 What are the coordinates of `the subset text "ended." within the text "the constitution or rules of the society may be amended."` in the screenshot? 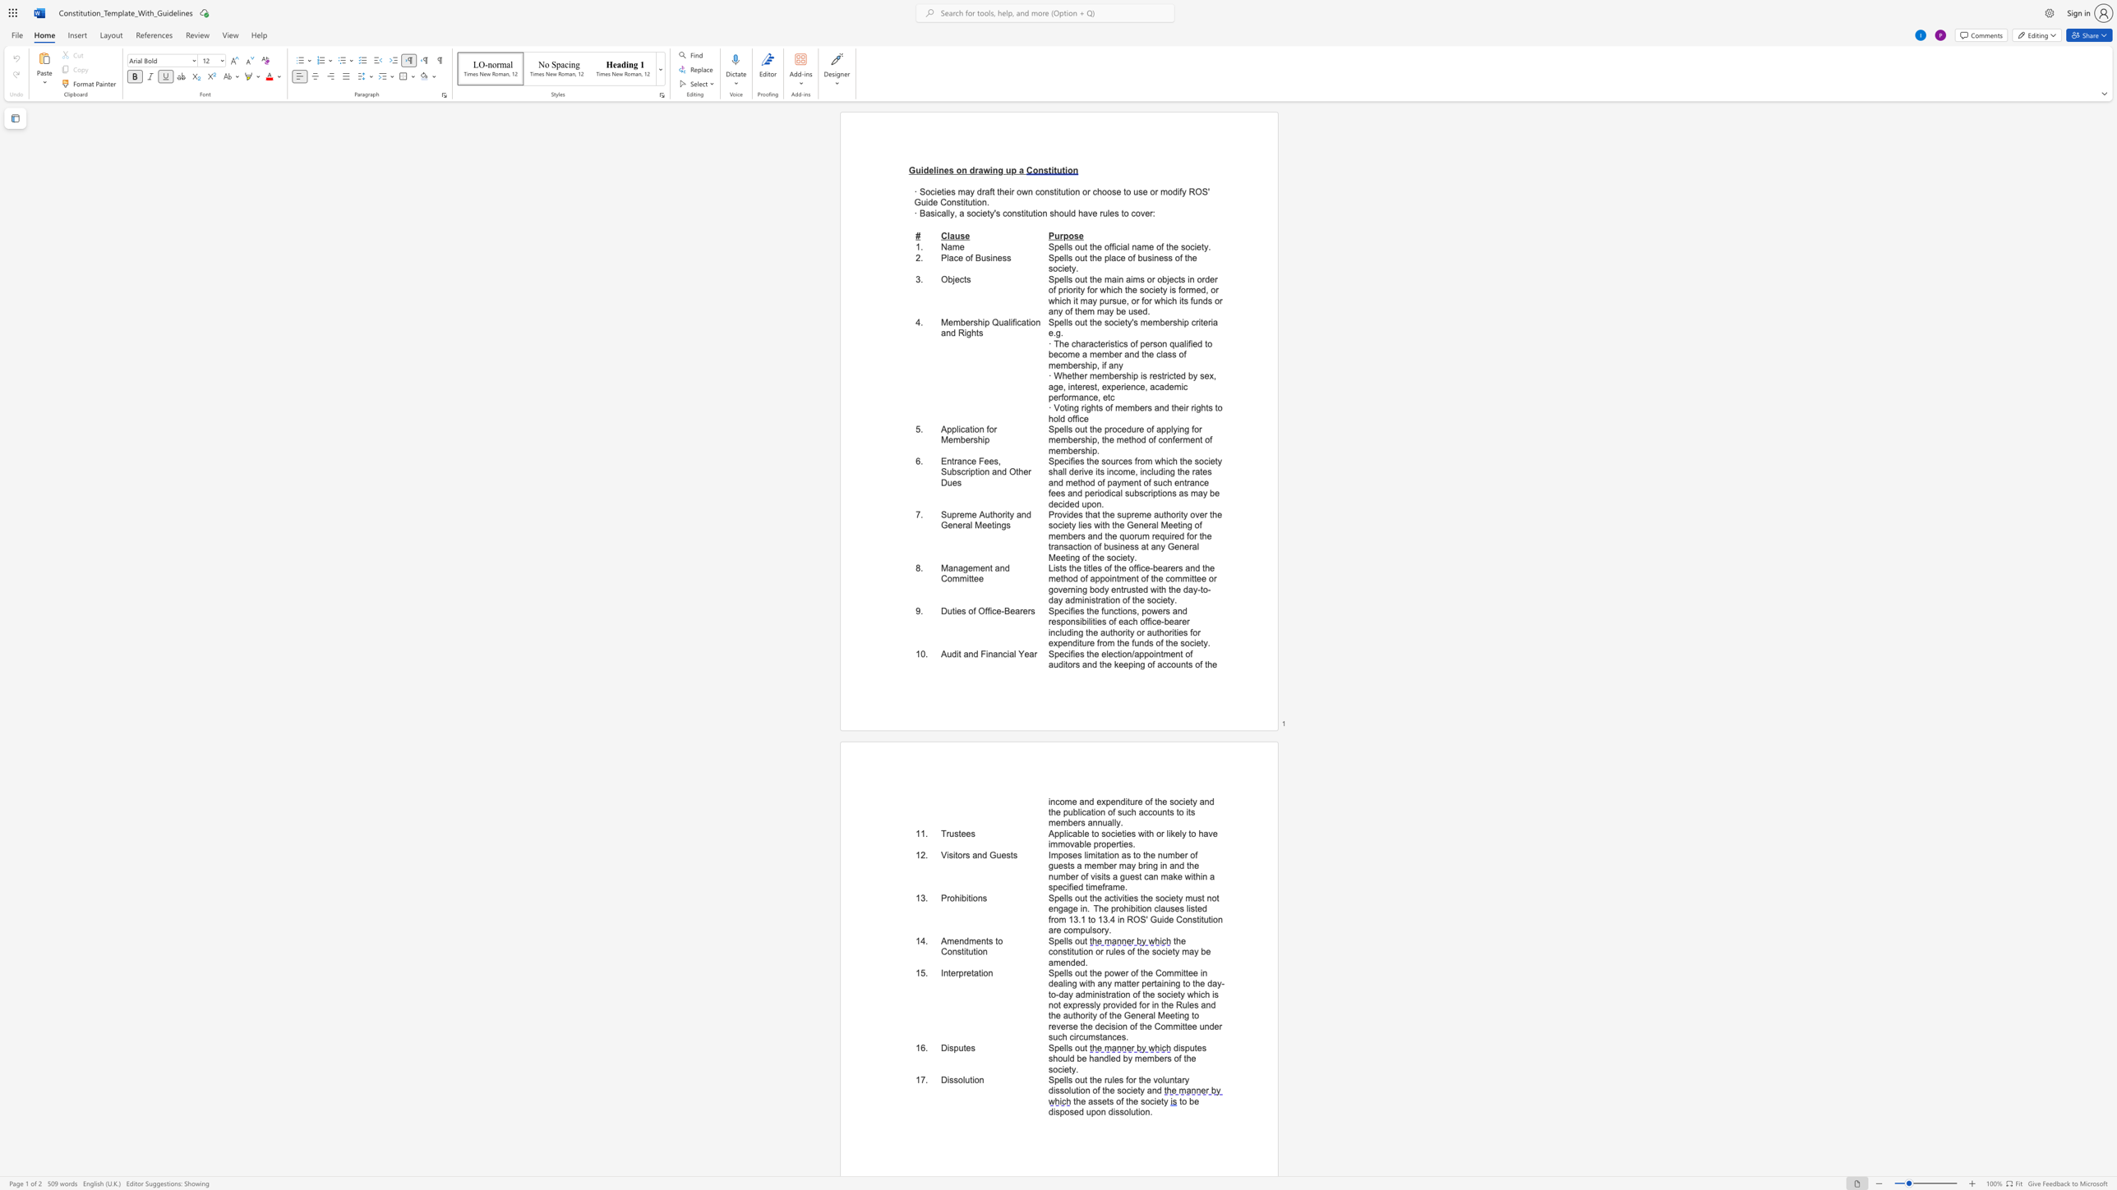 It's located at (1061, 962).